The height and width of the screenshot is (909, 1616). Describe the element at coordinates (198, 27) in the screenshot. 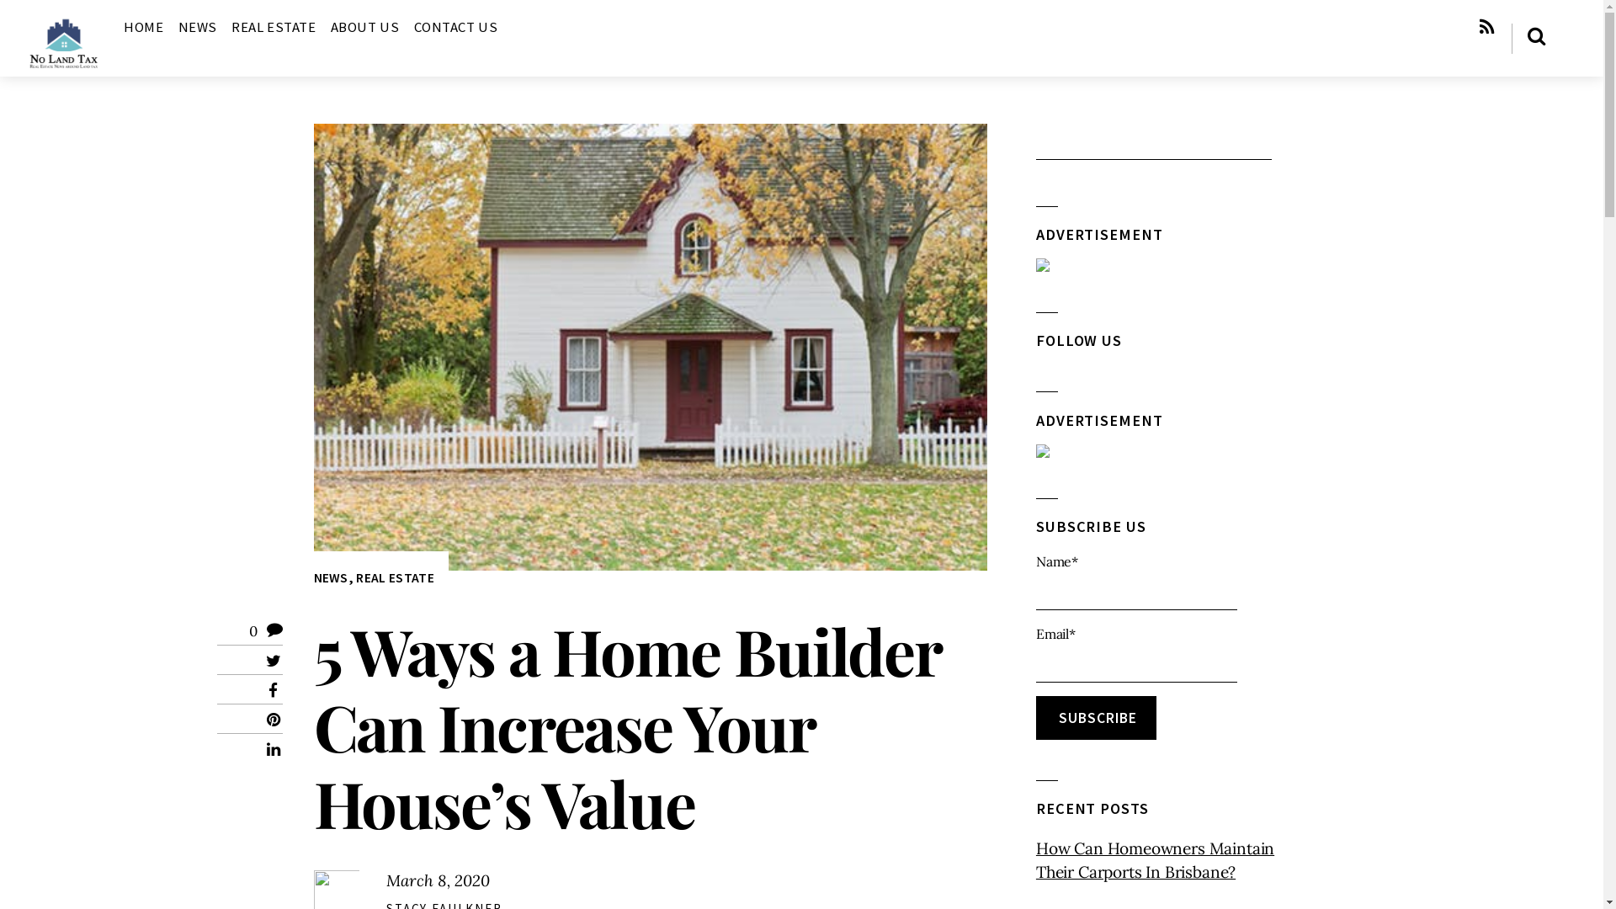

I see `'NEWS'` at that location.